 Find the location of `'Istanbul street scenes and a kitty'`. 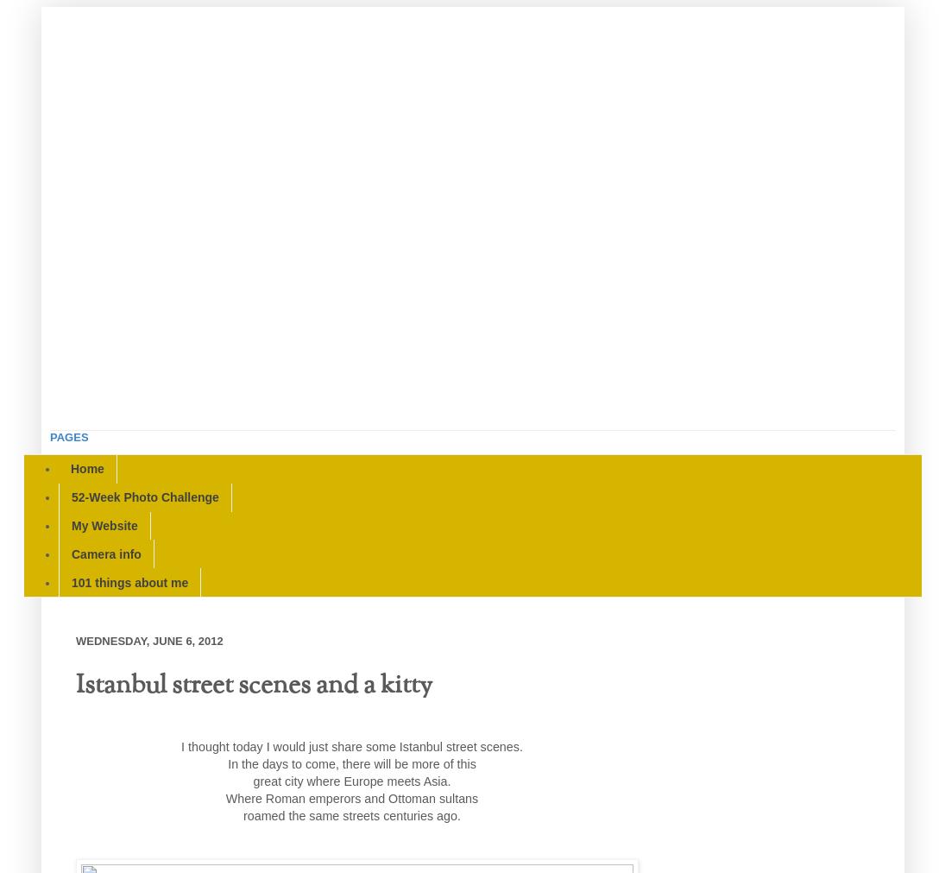

'Istanbul street scenes and a kitty' is located at coordinates (254, 685).